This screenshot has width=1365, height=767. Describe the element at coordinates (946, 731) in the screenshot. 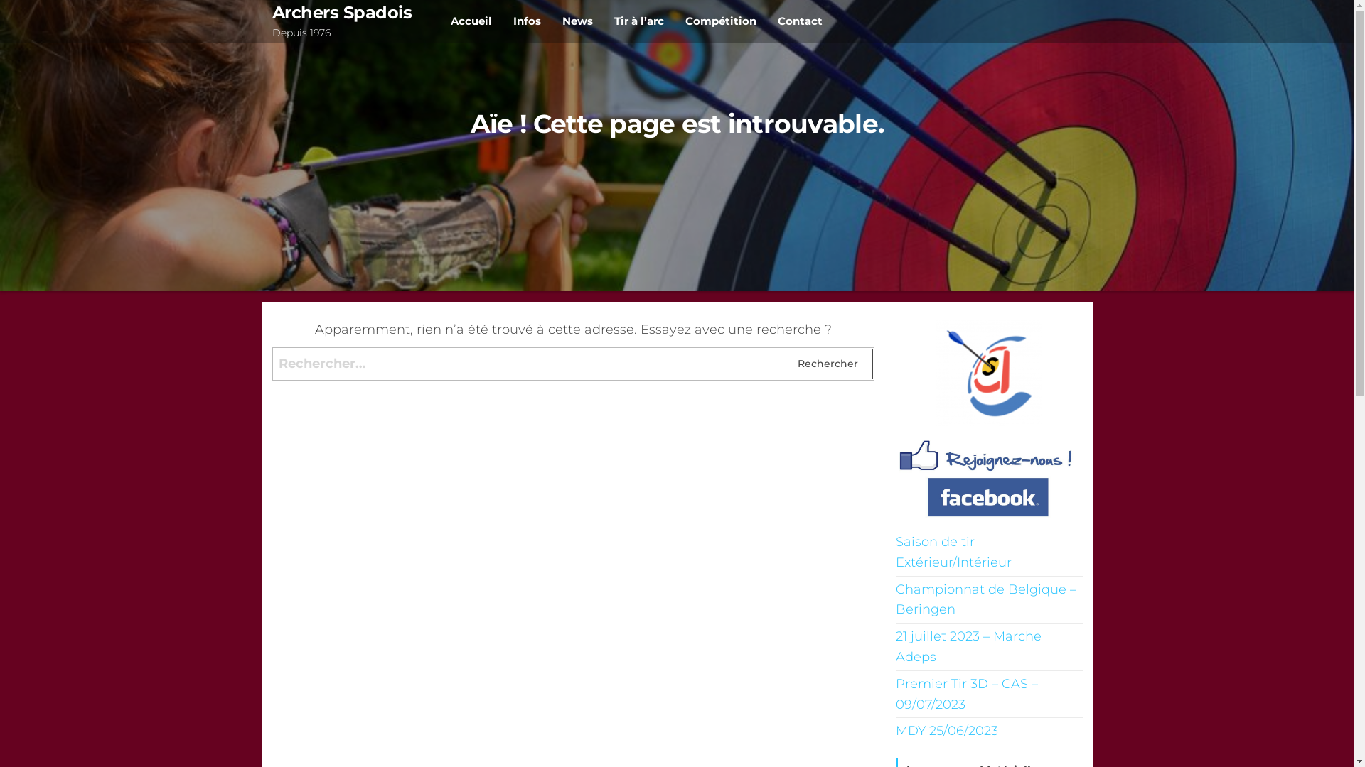

I see `'MDY 25/06/2023'` at that location.